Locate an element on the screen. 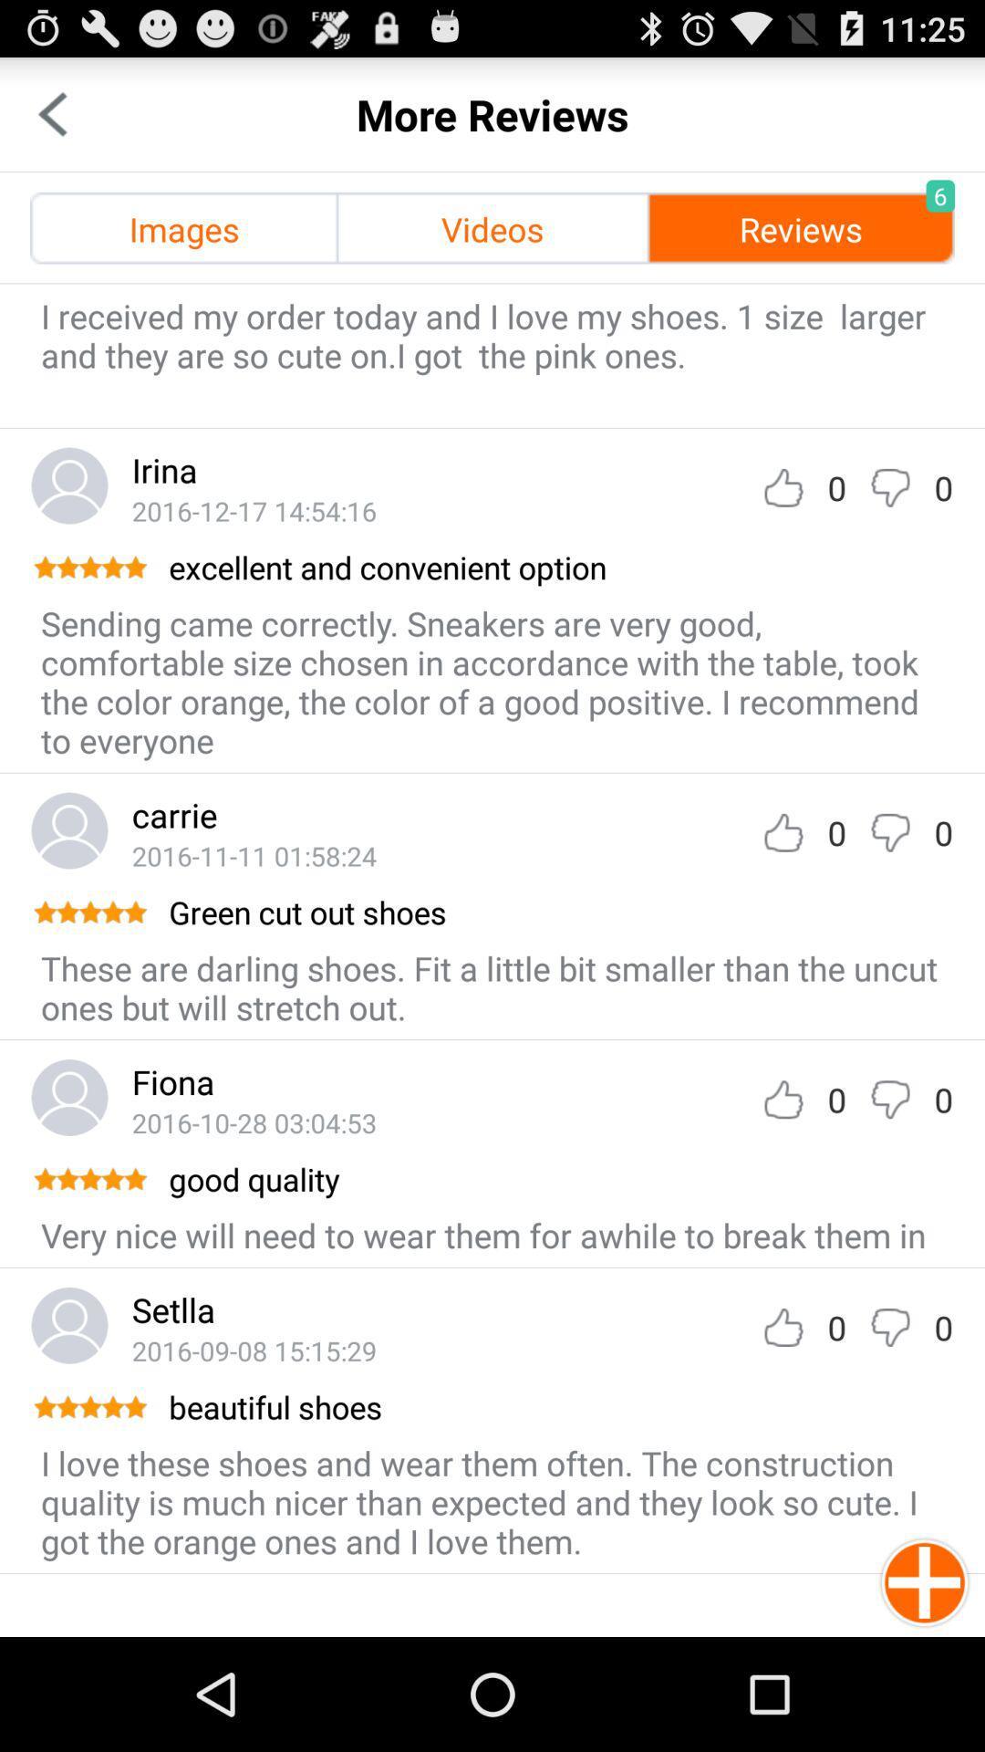 This screenshot has height=1752, width=985. thumbs down is located at coordinates (889, 1099).